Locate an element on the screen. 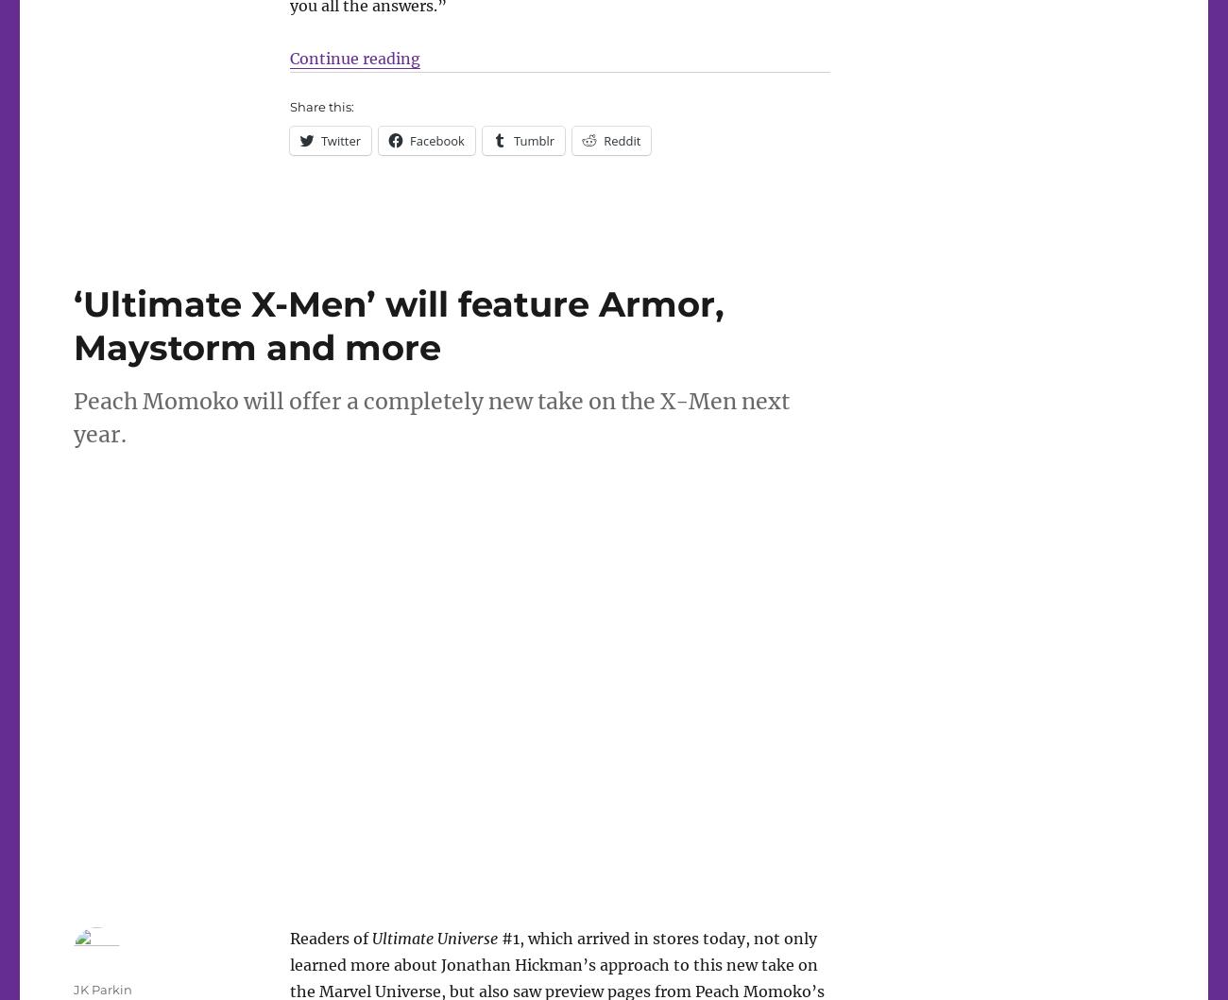  'Facebook' is located at coordinates (435, 139).